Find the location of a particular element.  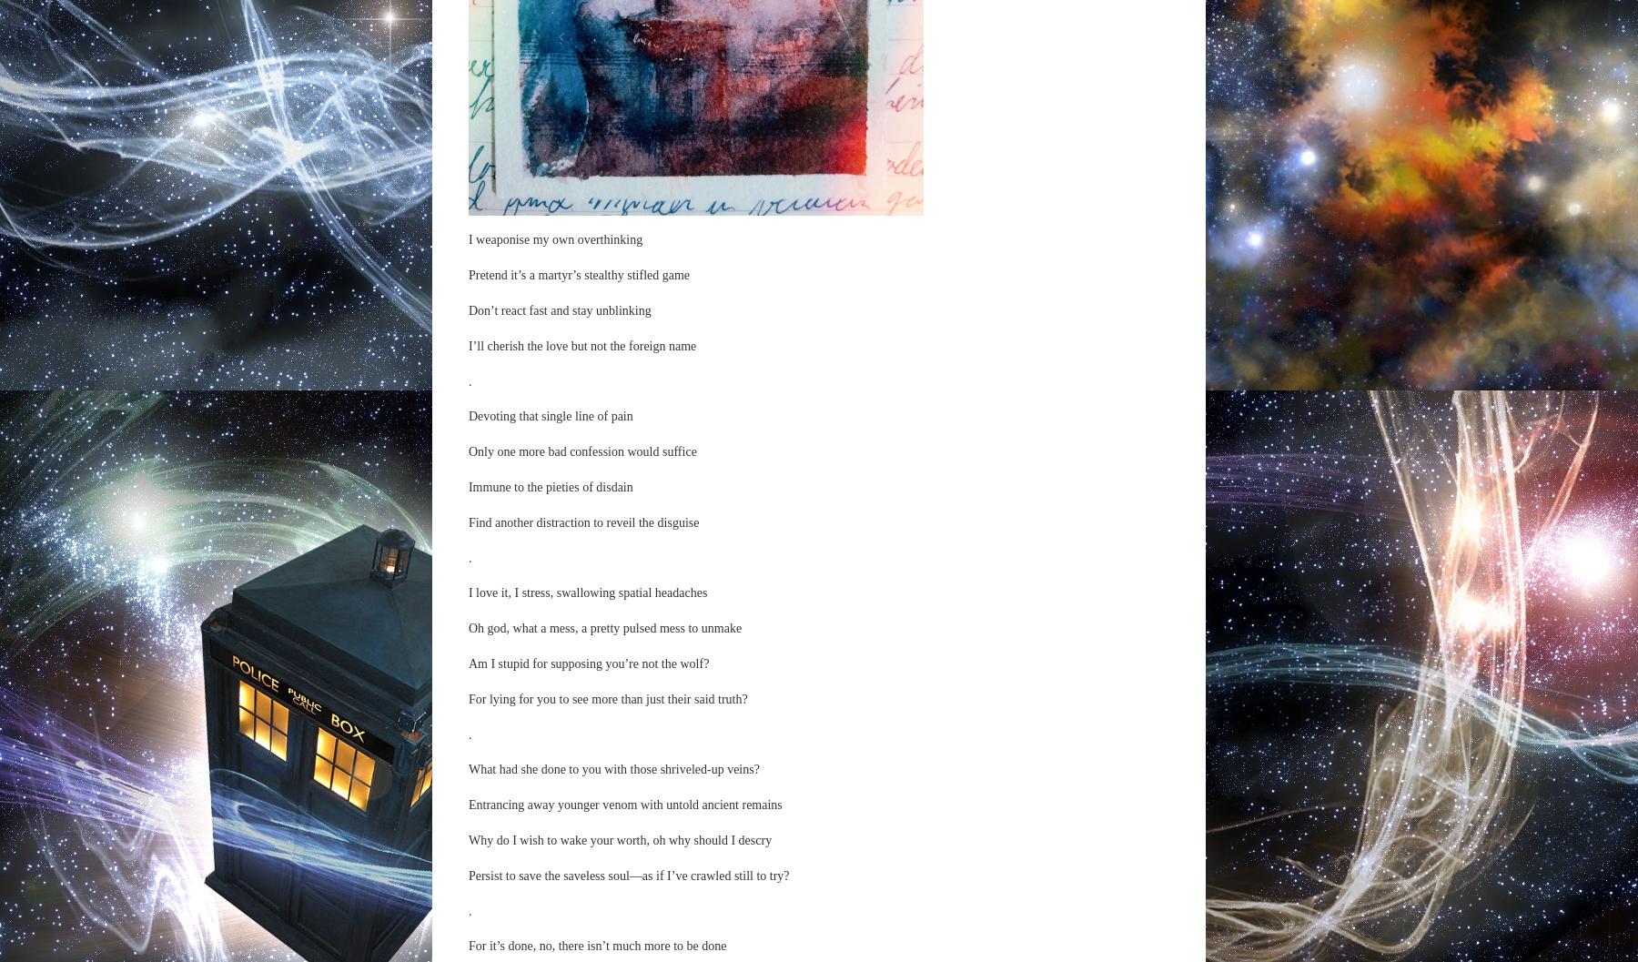

'Find another distraction to reveil the disguise' is located at coordinates (582, 521).